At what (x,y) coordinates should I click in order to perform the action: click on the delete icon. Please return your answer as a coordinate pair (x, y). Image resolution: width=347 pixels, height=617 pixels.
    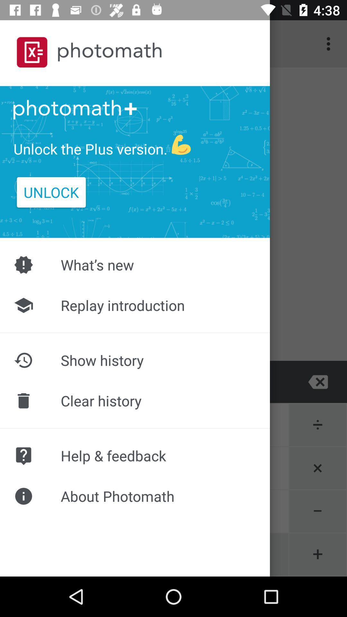
    Looking at the image, I should click on (28, 382).